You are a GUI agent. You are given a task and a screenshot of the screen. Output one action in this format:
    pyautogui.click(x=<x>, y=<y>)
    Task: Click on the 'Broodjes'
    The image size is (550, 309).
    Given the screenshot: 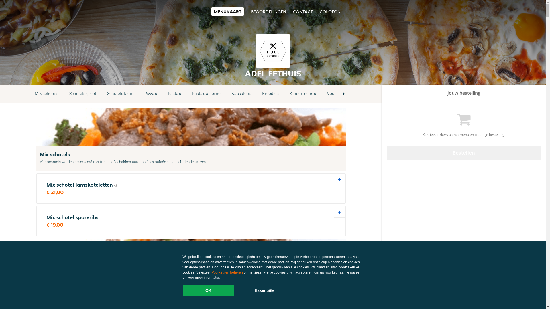 What is the action you would take?
    pyautogui.click(x=270, y=93)
    